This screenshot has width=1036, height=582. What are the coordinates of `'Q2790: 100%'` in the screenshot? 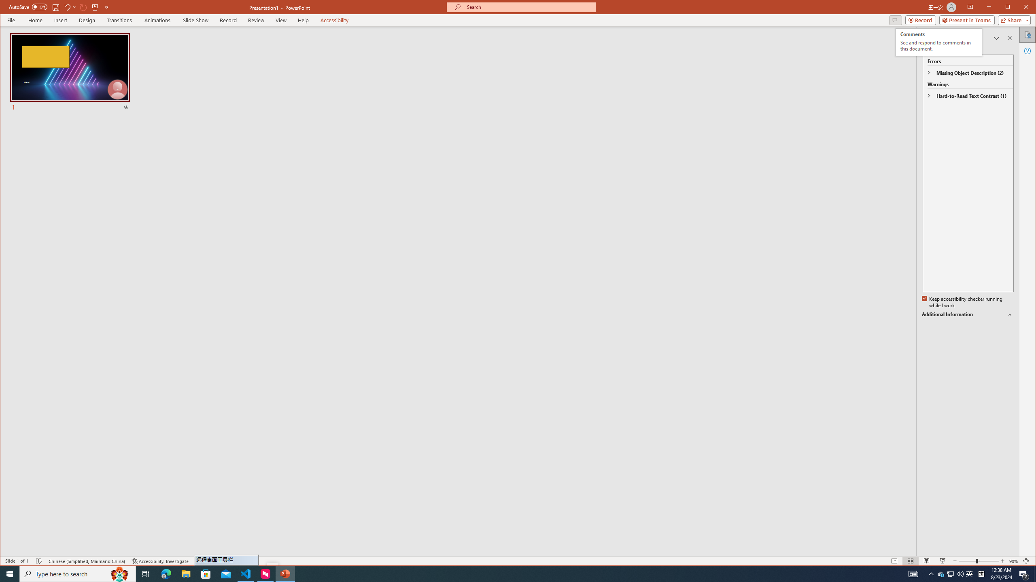 It's located at (940, 573).